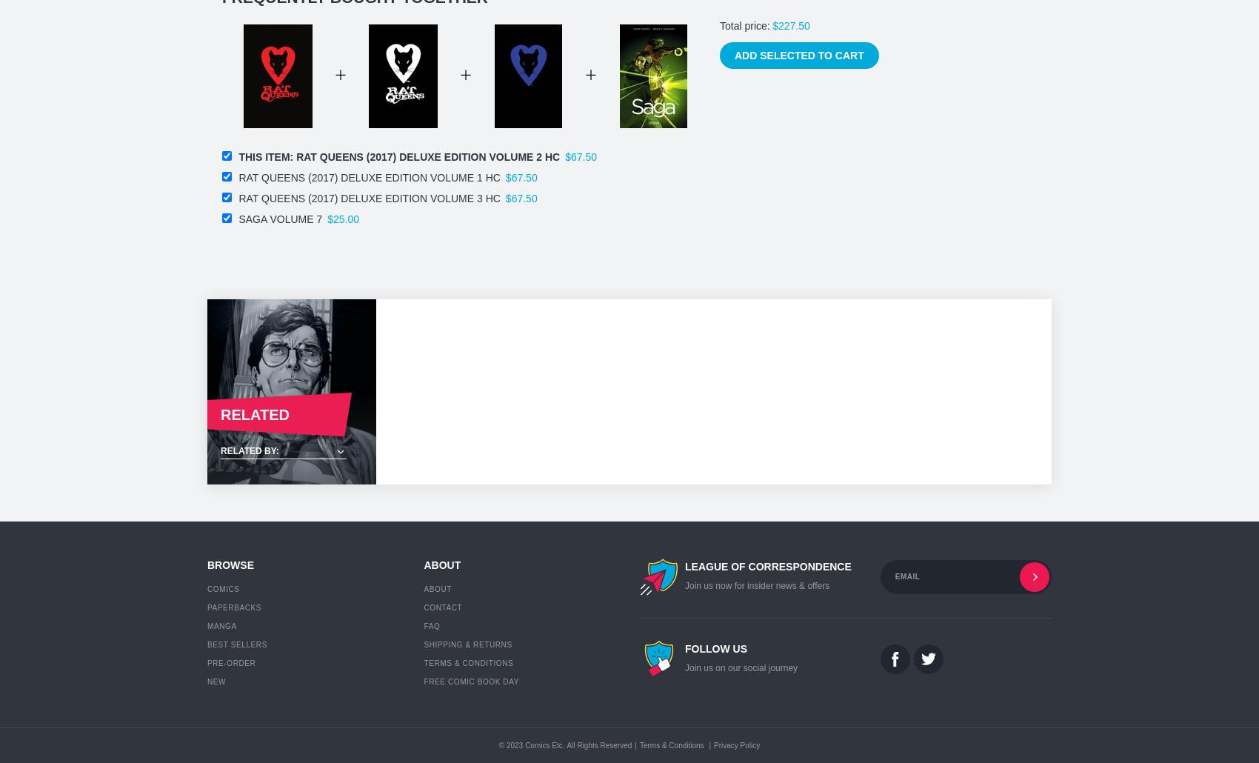 This screenshot has height=763, width=1259. Describe the element at coordinates (207, 587) in the screenshot. I see `'Comics'` at that location.